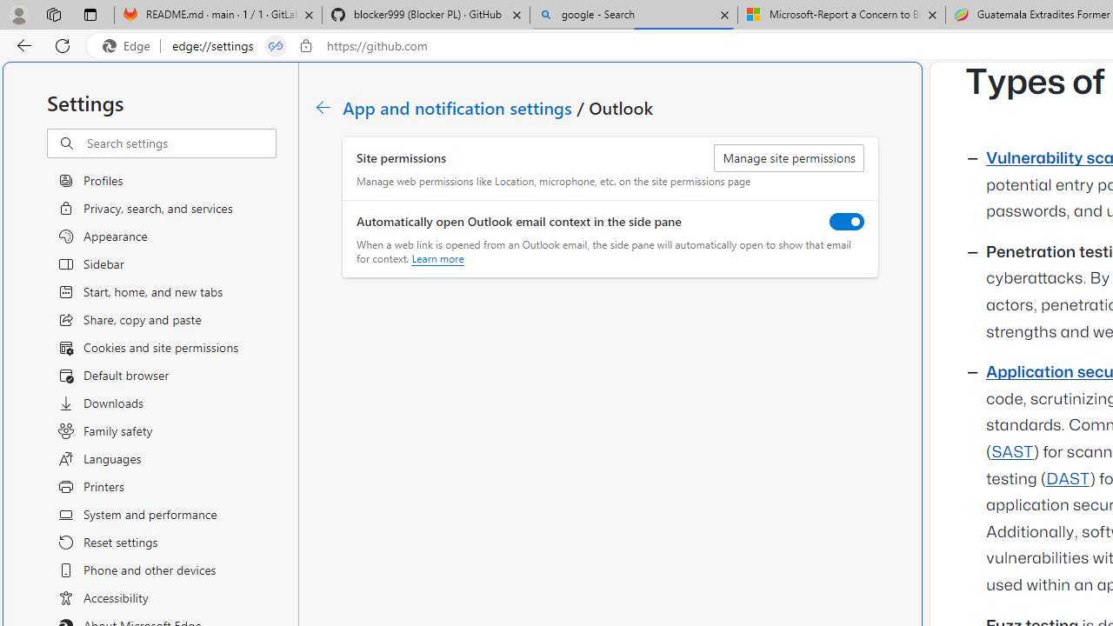 The width and height of the screenshot is (1113, 626). What do you see at coordinates (323, 107) in the screenshot?
I see `'Go back to App and notification settings page.'` at bounding box center [323, 107].